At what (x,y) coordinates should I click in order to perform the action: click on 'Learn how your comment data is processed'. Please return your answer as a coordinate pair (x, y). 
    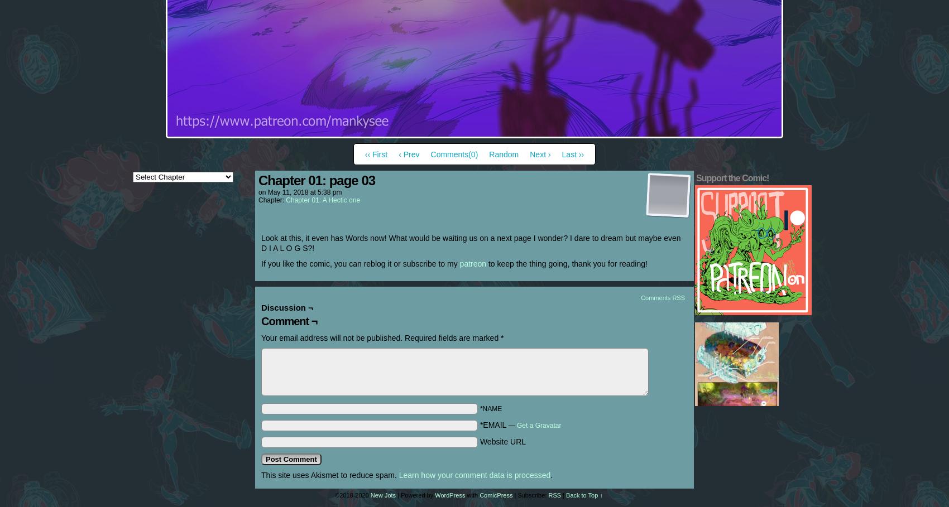
    Looking at the image, I should click on (399, 475).